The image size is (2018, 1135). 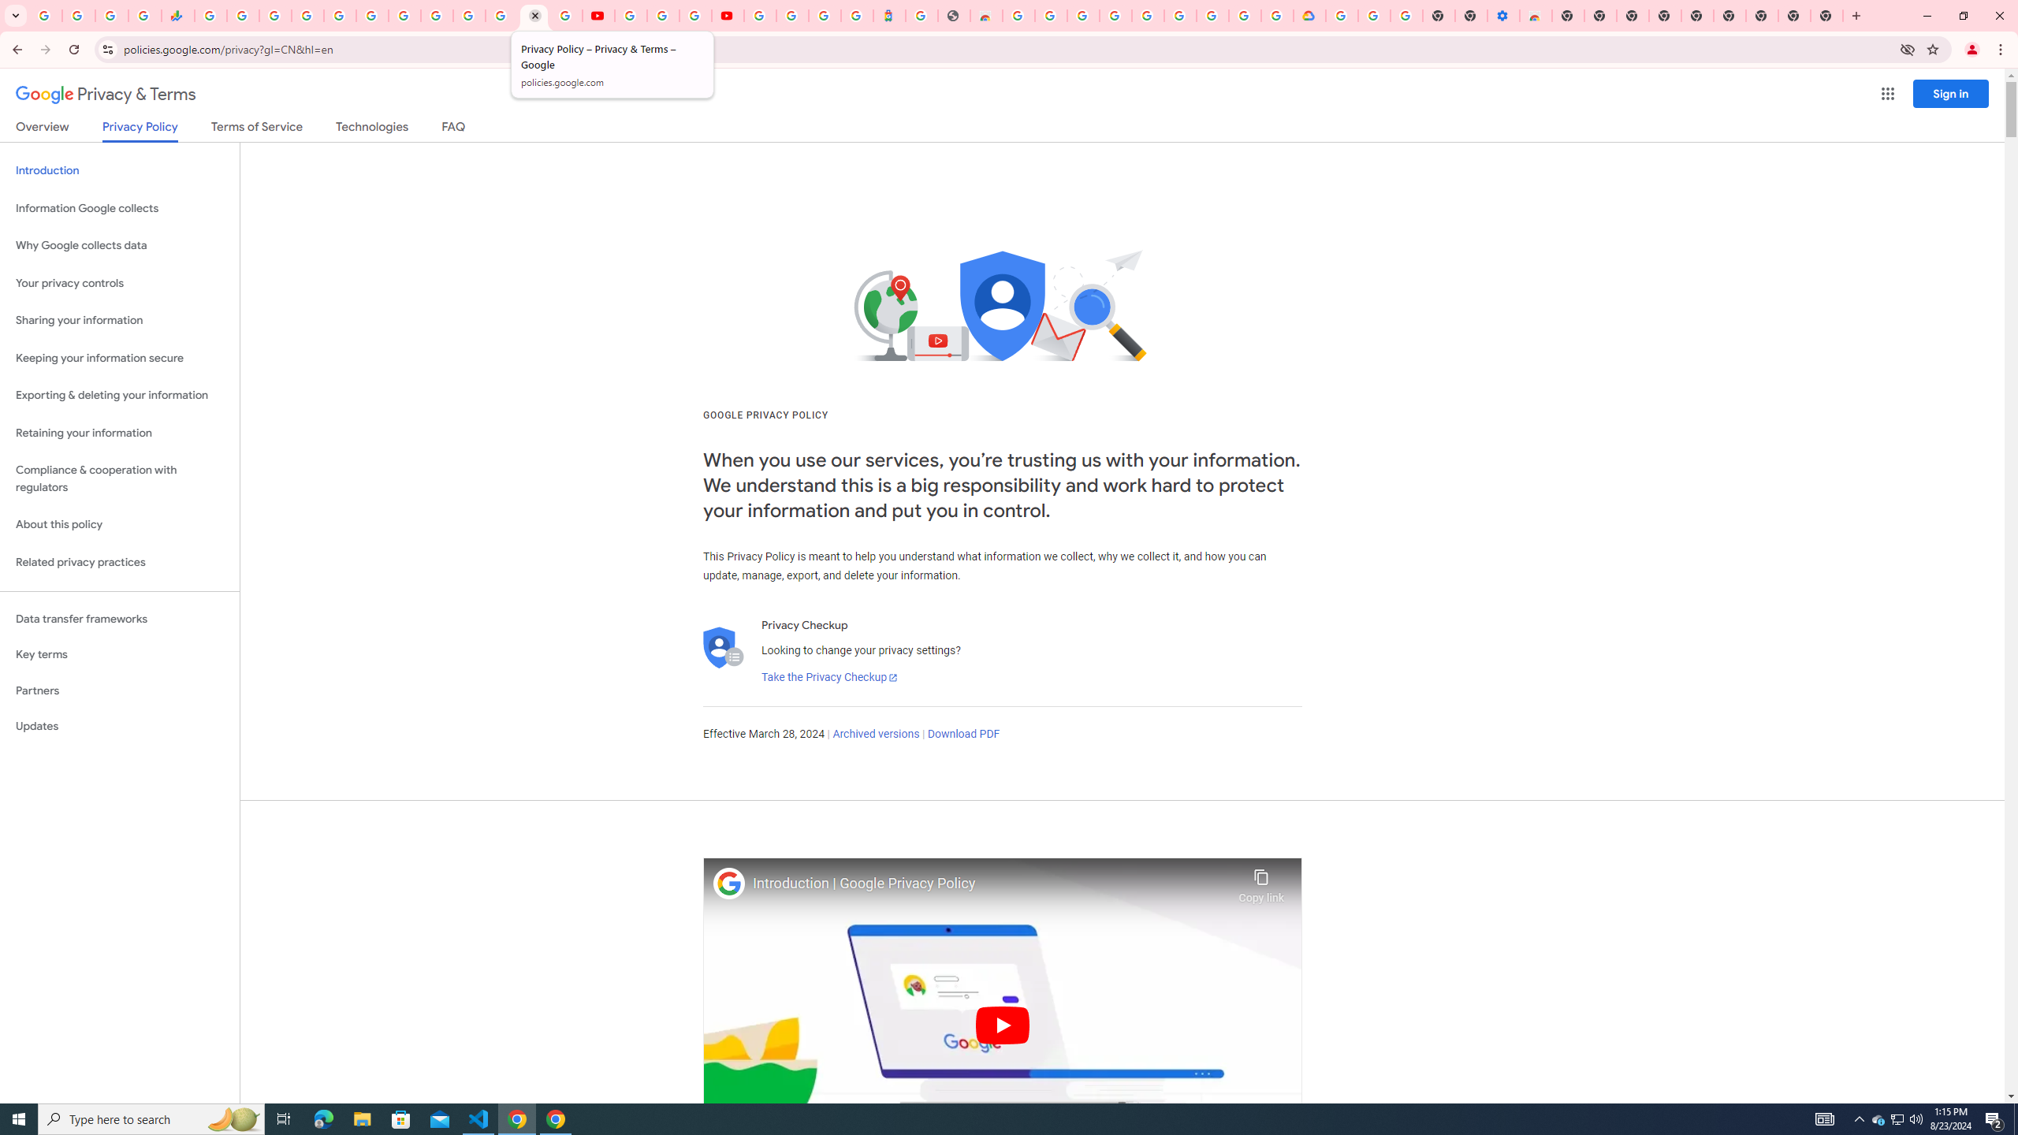 What do you see at coordinates (106, 94) in the screenshot?
I see `'Privacy & Terms'` at bounding box center [106, 94].